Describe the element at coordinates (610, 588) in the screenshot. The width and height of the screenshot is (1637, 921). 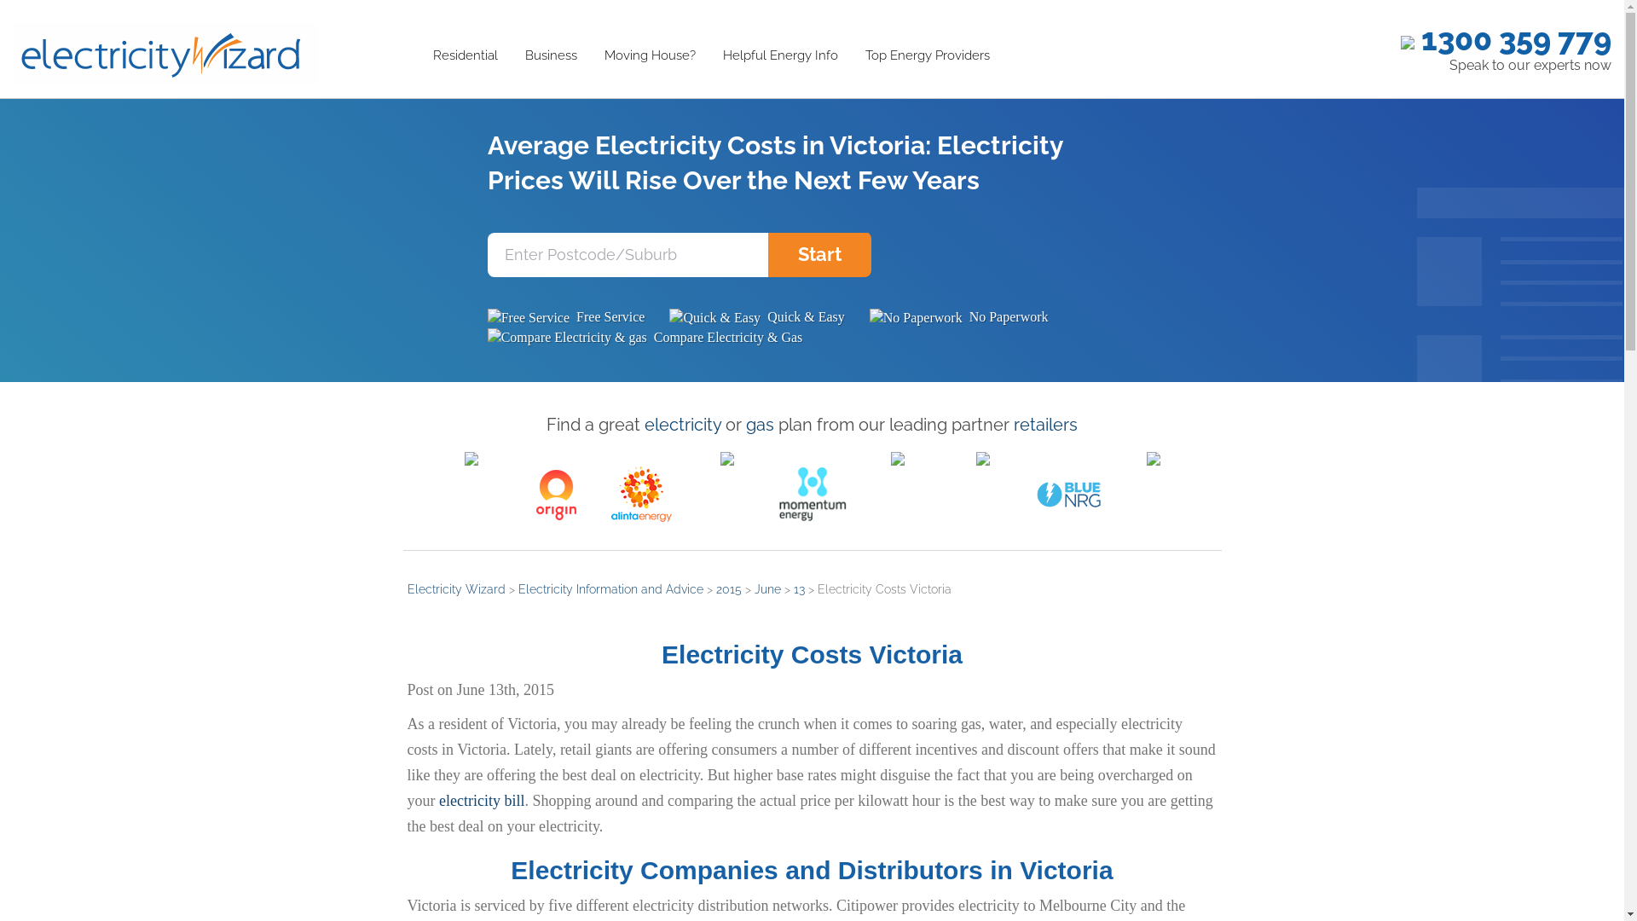
I see `'Electricity Information and Advice'` at that location.